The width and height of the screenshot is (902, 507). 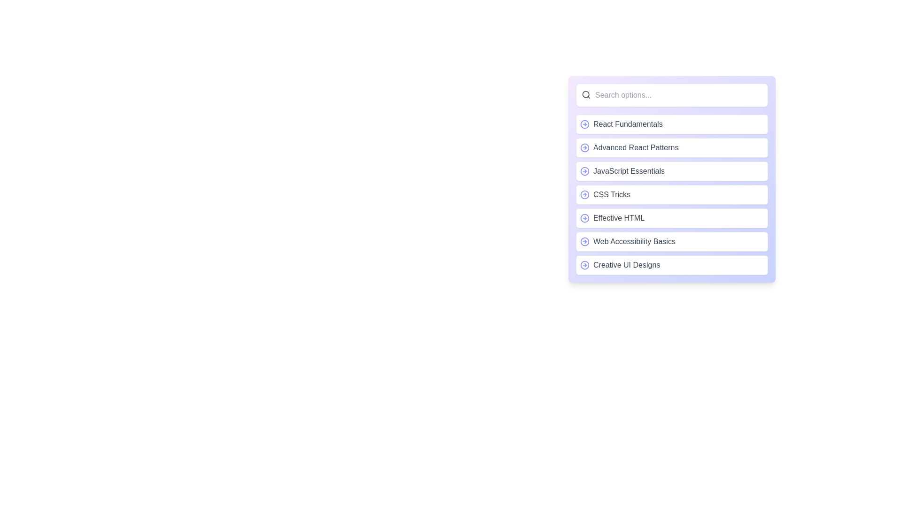 I want to click on the text label reading 'Web Accessibility Basics' which is the sixth item in the list of selectable items under the search bar, so click(x=634, y=241).